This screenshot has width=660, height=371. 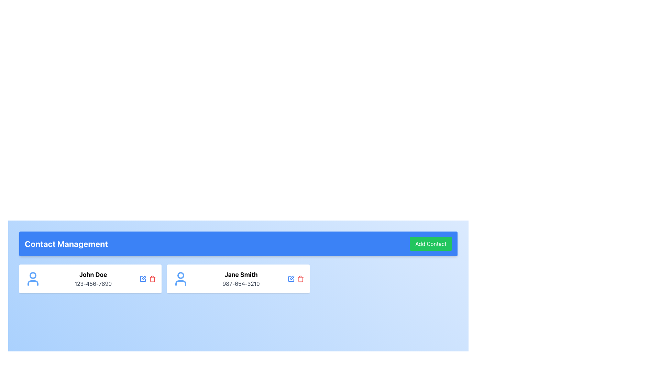 What do you see at coordinates (430, 243) in the screenshot?
I see `the green 'Add Contact' button with rounded corners located to the right of the 'Contact Management' label` at bounding box center [430, 243].